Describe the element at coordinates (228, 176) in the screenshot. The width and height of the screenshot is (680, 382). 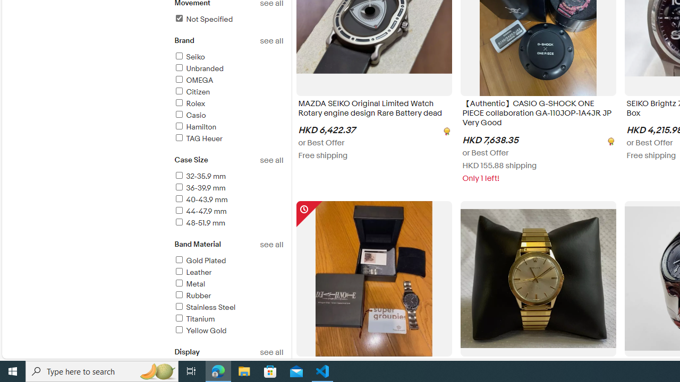
I see `'32-35.9 mm'` at that location.